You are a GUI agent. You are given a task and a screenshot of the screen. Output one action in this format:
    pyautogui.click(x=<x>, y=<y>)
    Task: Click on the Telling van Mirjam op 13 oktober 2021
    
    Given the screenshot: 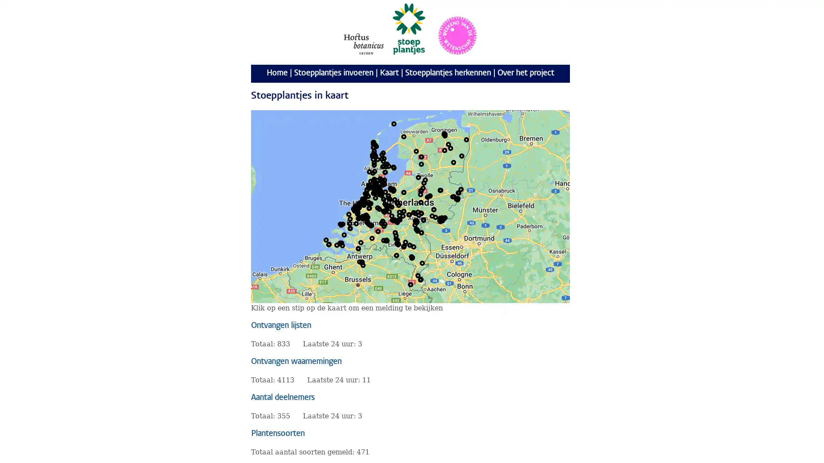 What is the action you would take?
    pyautogui.click(x=453, y=196)
    